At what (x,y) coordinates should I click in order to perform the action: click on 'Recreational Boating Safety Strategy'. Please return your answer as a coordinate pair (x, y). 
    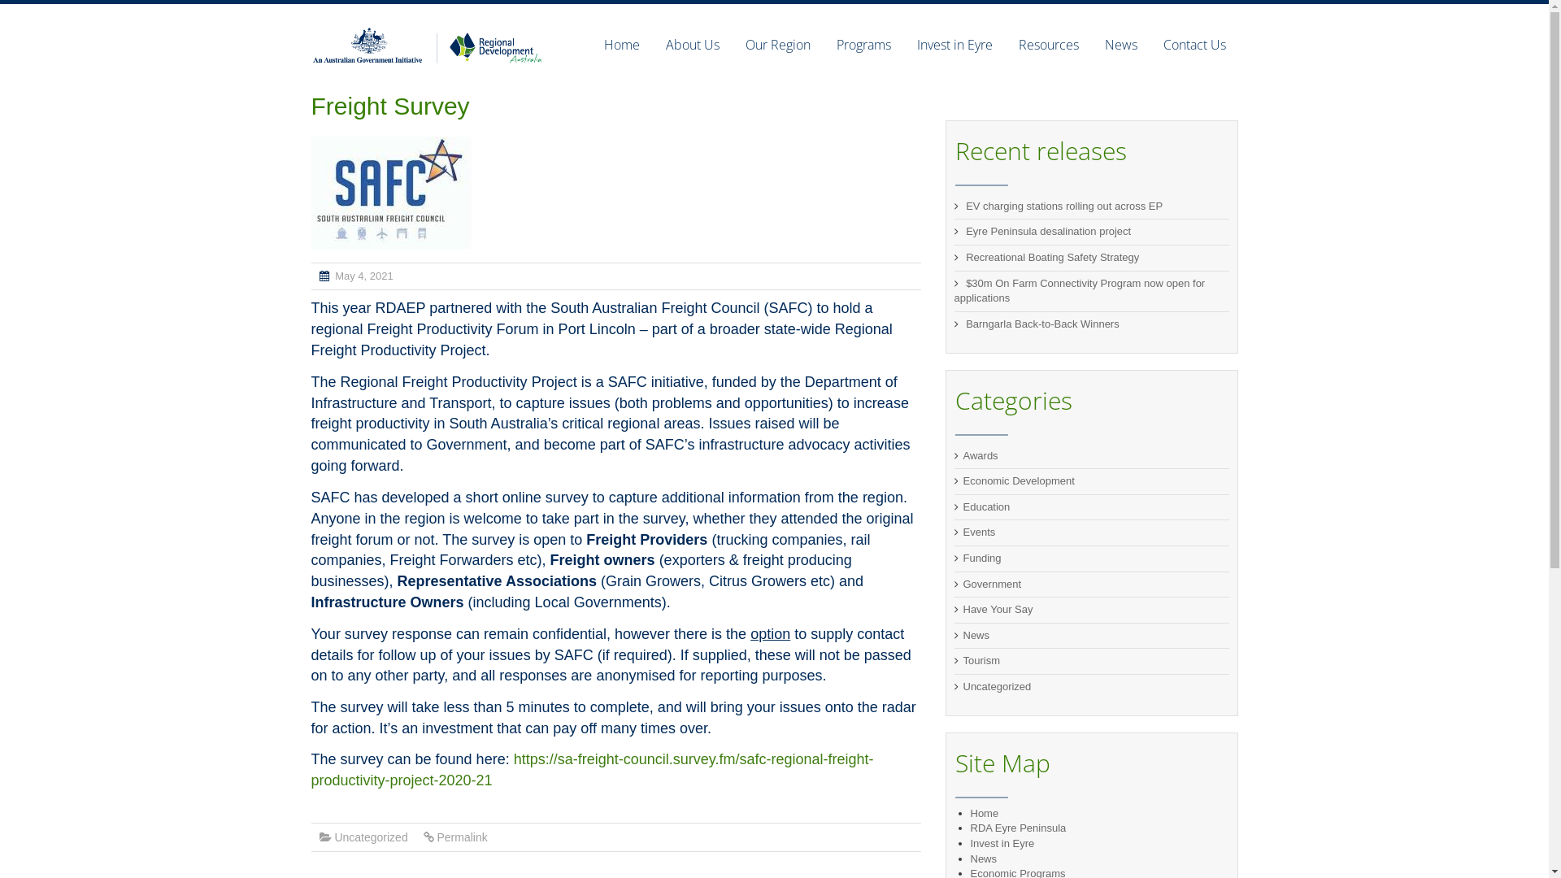
    Looking at the image, I should click on (1052, 256).